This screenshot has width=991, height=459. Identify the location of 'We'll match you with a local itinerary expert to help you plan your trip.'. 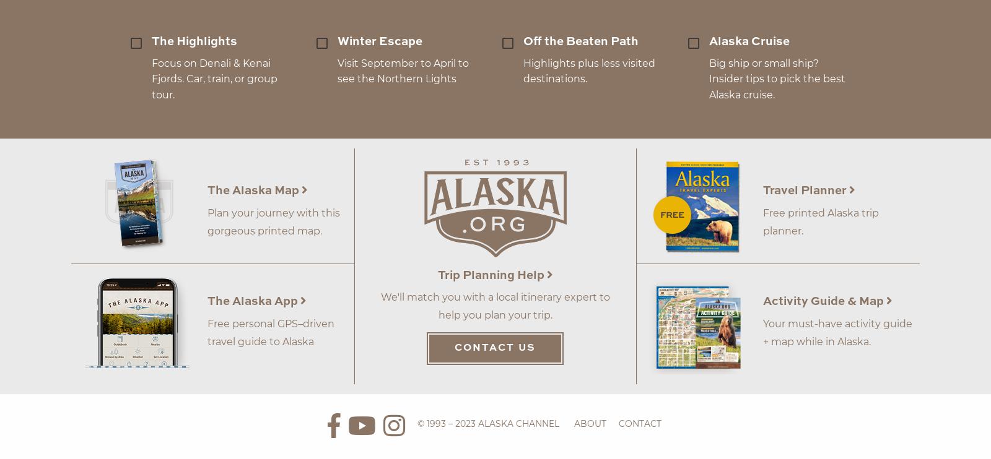
(495, 305).